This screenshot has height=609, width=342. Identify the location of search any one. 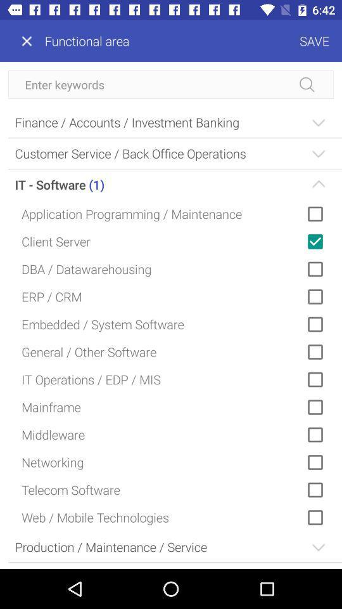
(171, 84).